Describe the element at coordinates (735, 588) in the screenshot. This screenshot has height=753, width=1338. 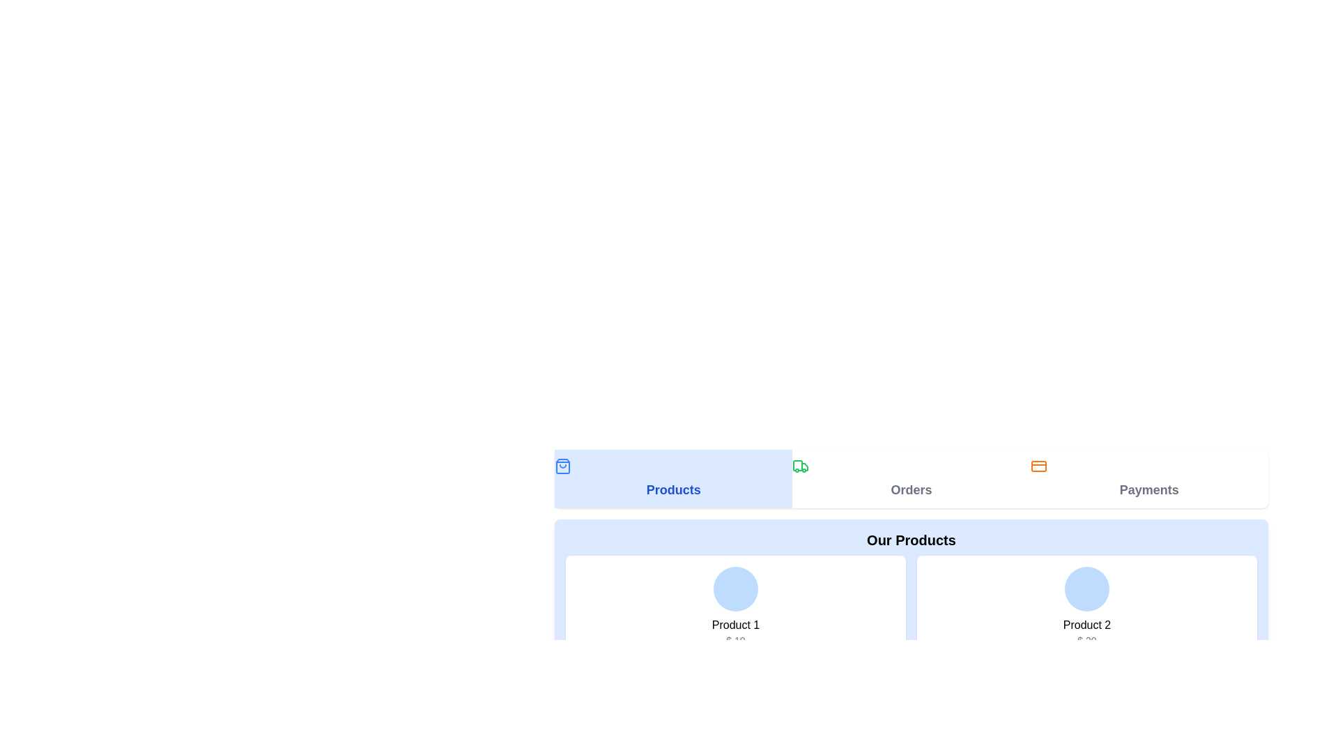
I see `the circle visual decorator associated with 'Product 1' priced at '$10'` at that location.